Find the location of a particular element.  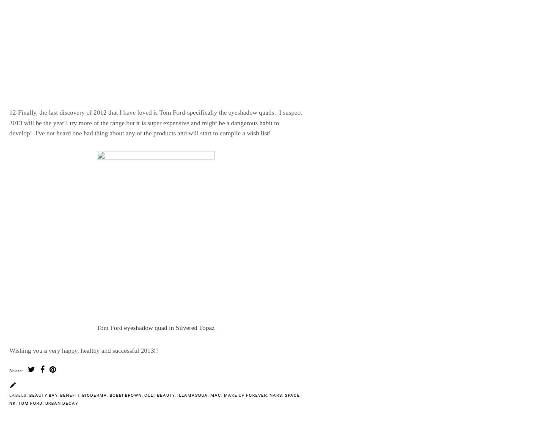

'Illamasqua' is located at coordinates (193, 395).